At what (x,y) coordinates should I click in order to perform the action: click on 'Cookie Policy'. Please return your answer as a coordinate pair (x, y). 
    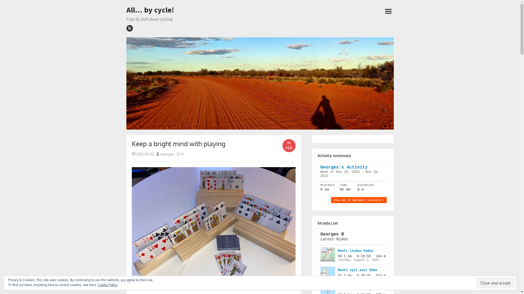
    Looking at the image, I should click on (108, 284).